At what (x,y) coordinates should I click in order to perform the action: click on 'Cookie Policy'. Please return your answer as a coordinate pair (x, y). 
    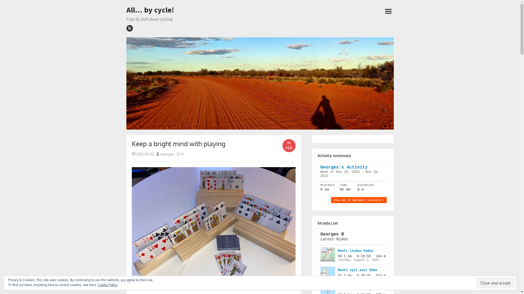
    Looking at the image, I should click on (108, 284).